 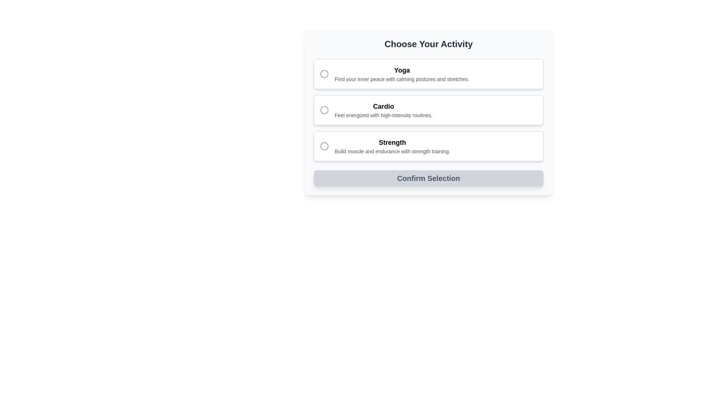 I want to click on the radio button adjacent to the text labeled 'Cardio', so click(x=324, y=110).